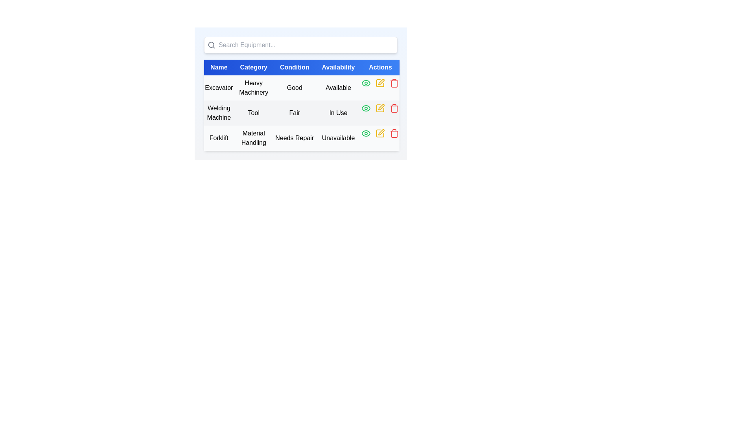 The width and height of the screenshot is (755, 424). What do you see at coordinates (366, 108) in the screenshot?
I see `the eye-shaped icon in the Actions column of the second row of the data table` at bounding box center [366, 108].